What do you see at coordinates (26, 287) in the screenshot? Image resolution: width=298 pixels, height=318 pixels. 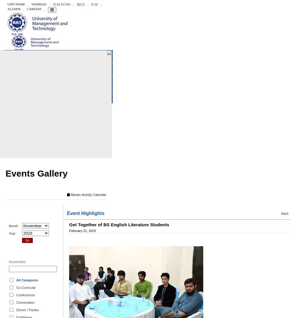 I see `'Co-Curricular'` at bounding box center [26, 287].